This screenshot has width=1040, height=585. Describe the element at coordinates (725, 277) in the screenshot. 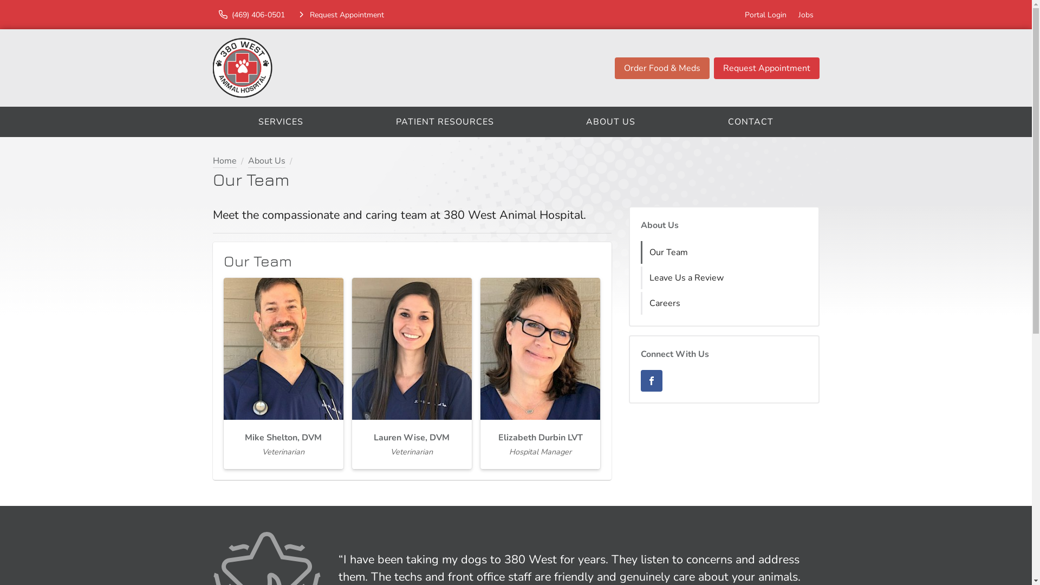

I see `'Leave Us a Review'` at that location.